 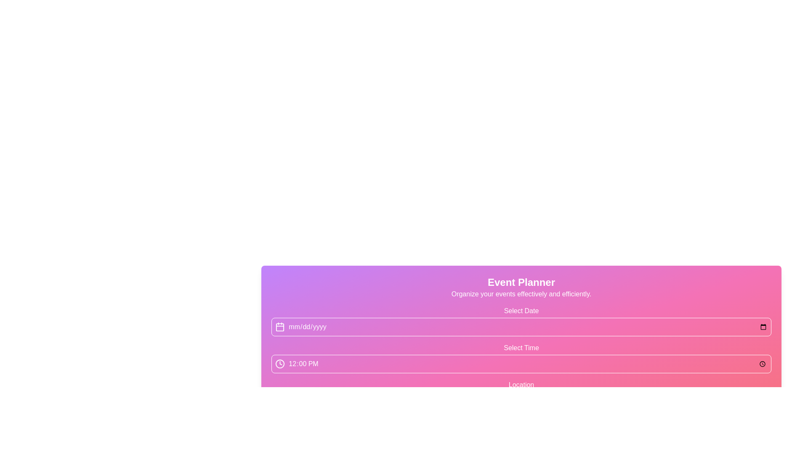 I want to click on the Time selection field, which is positioned below the 'Select Date' section and above the 'Location' section, so click(x=521, y=358).